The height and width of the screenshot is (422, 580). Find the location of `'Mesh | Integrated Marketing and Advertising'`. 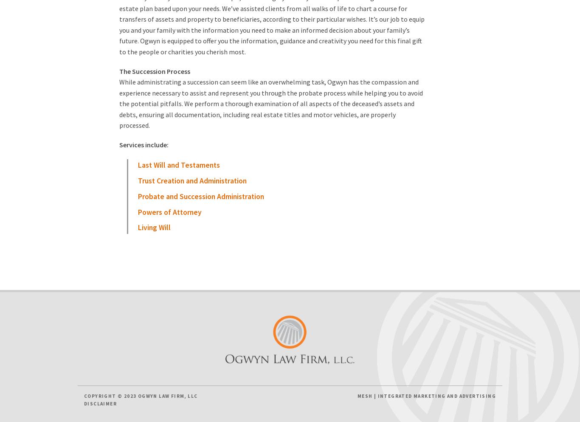

'Mesh | Integrated Marketing and Advertising' is located at coordinates (426, 396).